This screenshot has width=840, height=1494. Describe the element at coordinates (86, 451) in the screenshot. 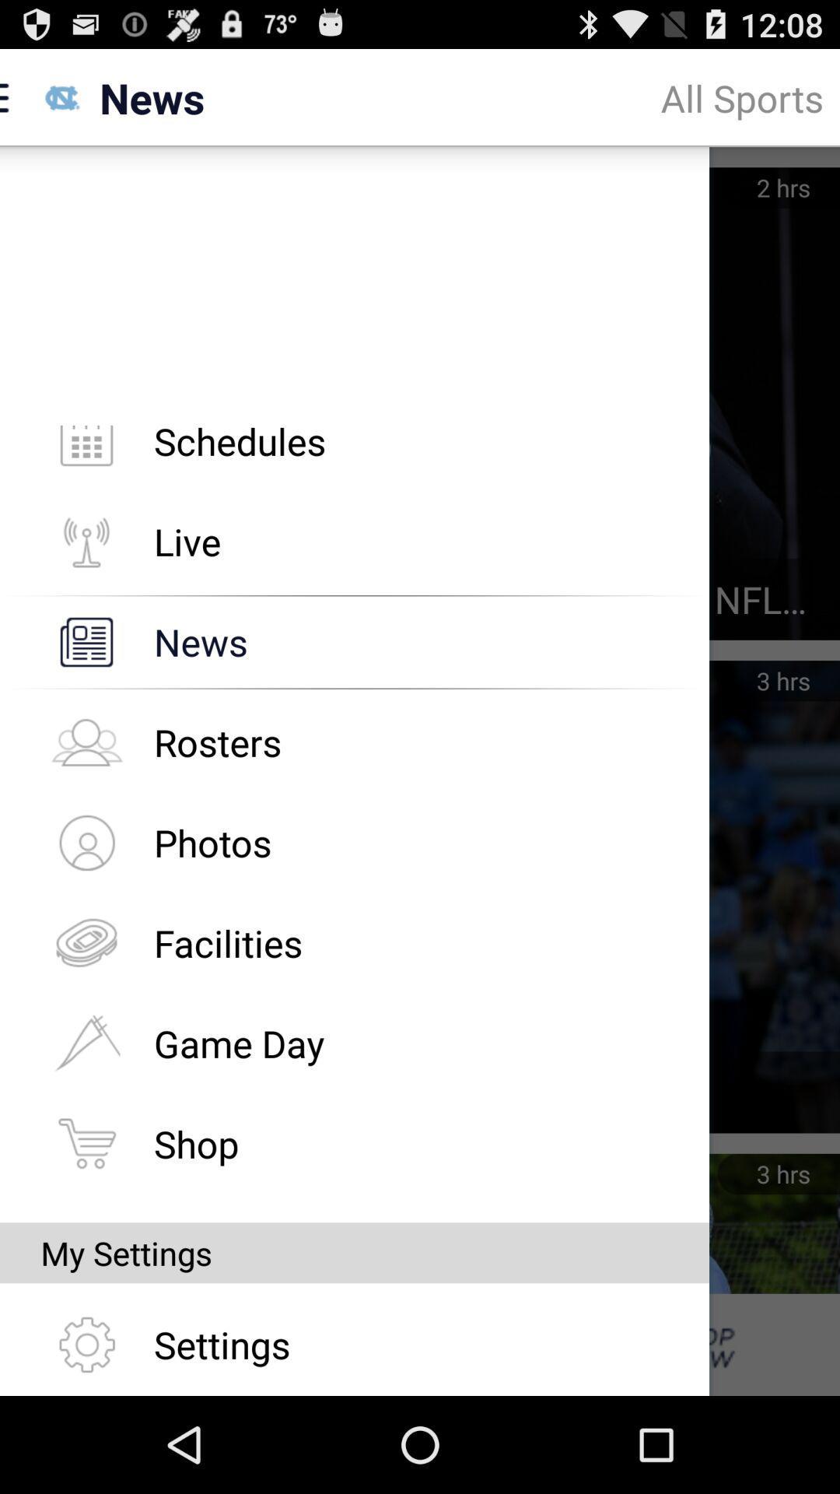

I see `schedule icon` at that location.